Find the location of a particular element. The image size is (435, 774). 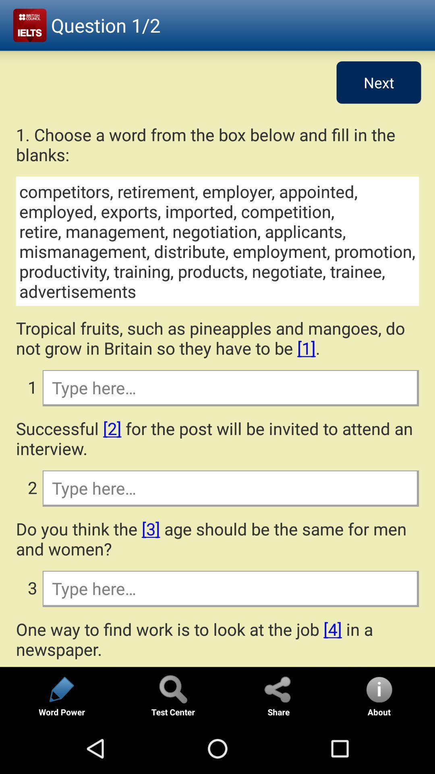

the next button is located at coordinates (379, 82).